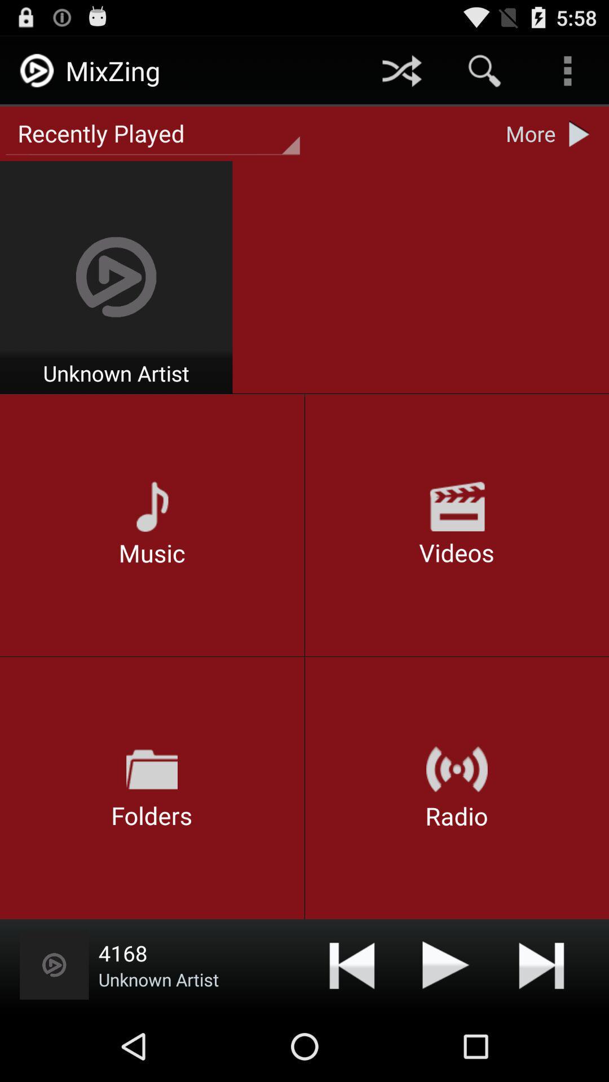  What do you see at coordinates (582, 134) in the screenshot?
I see `more option` at bounding box center [582, 134].